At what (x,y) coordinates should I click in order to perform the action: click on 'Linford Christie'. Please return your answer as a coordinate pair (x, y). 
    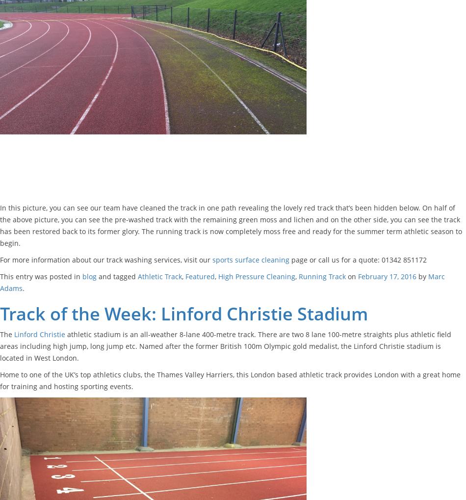
    Looking at the image, I should click on (40, 333).